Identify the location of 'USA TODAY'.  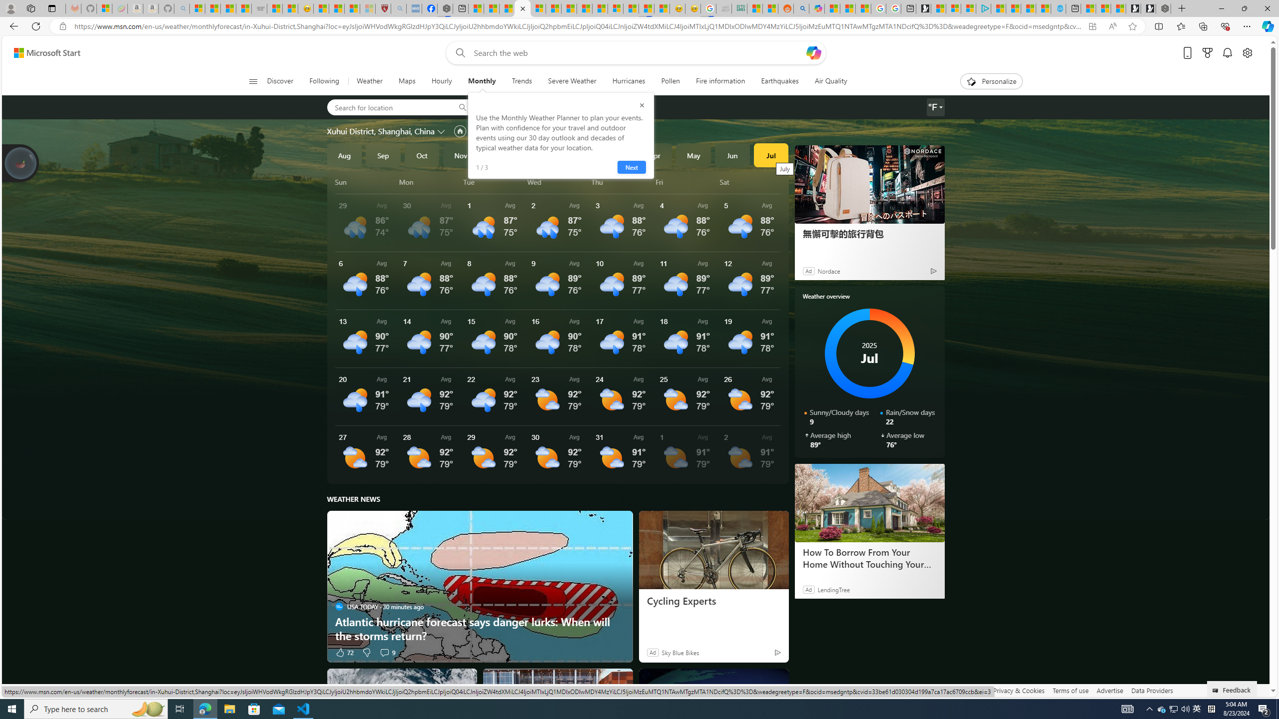
(338, 606).